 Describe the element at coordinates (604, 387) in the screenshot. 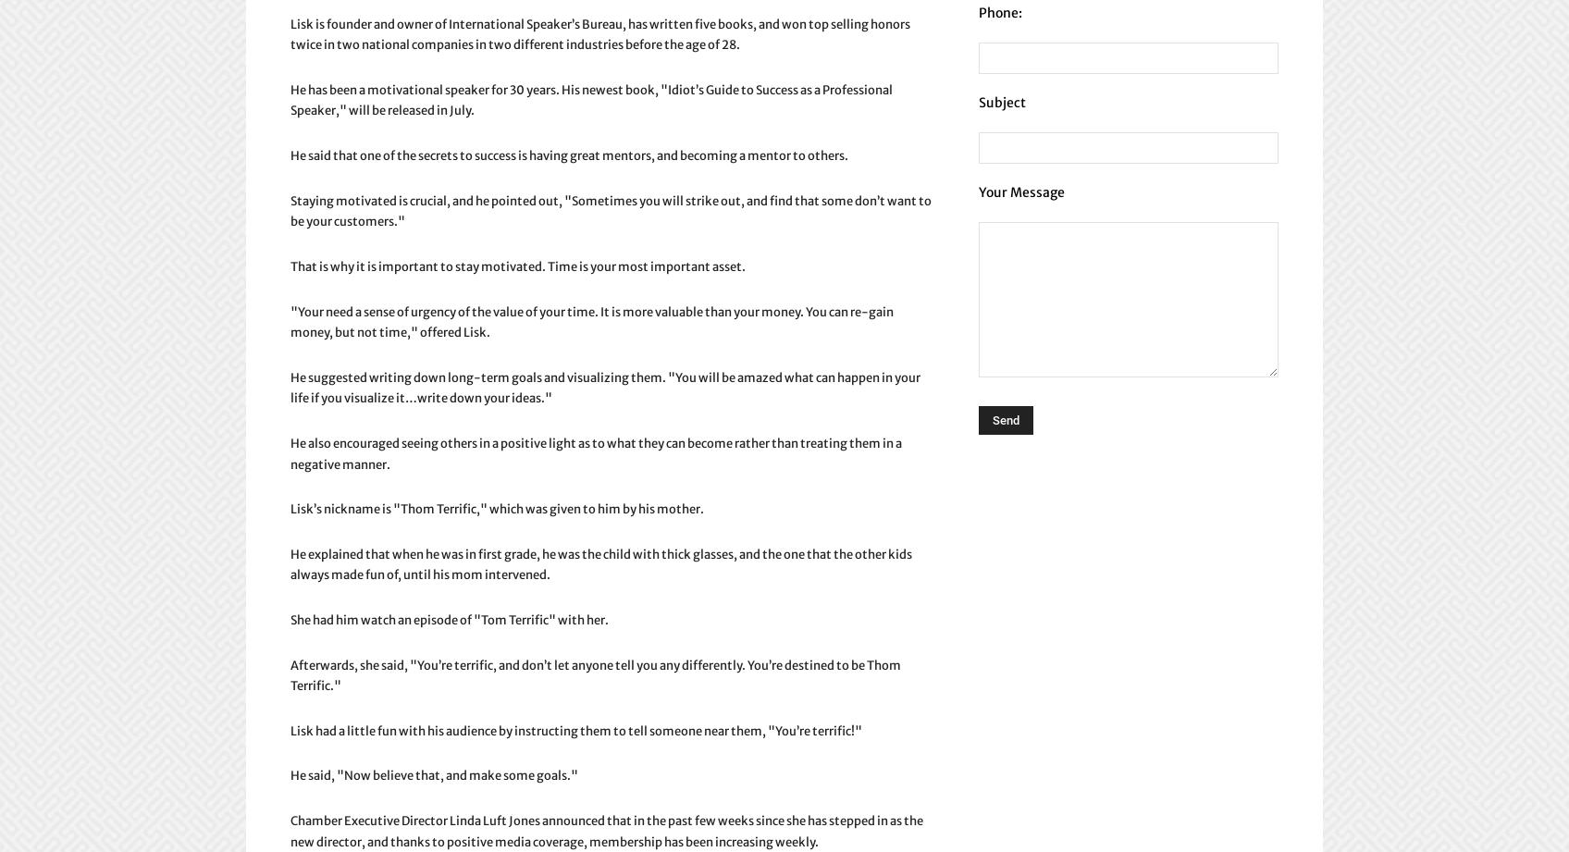

I see `'He suggested writing down long-term goals and visualizing them. "You will be amazed what can happen in your life if you visualize it…write down your ideas."'` at that location.